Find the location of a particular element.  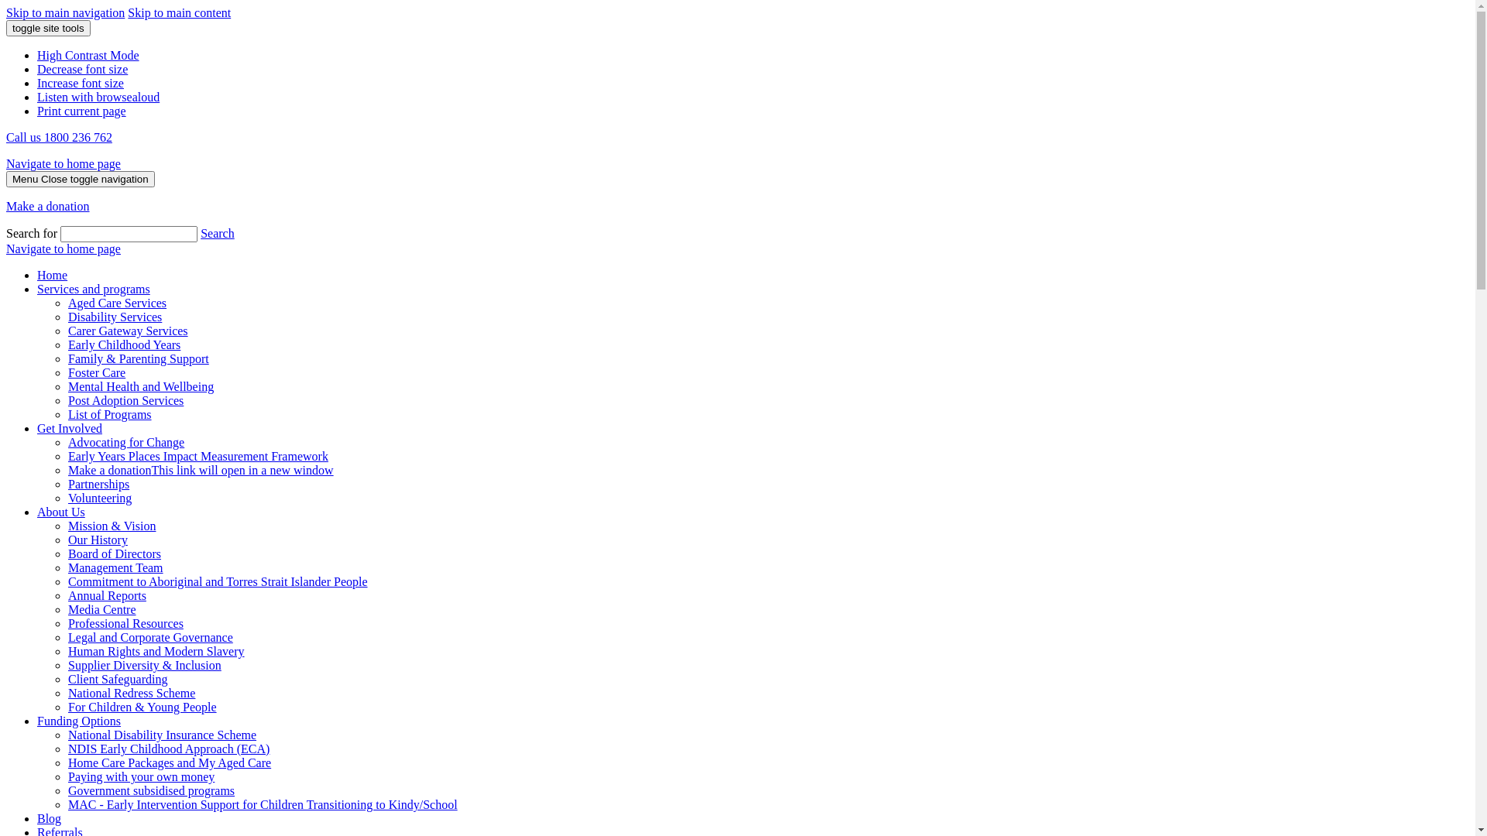

'Professional Resources' is located at coordinates (125, 622).